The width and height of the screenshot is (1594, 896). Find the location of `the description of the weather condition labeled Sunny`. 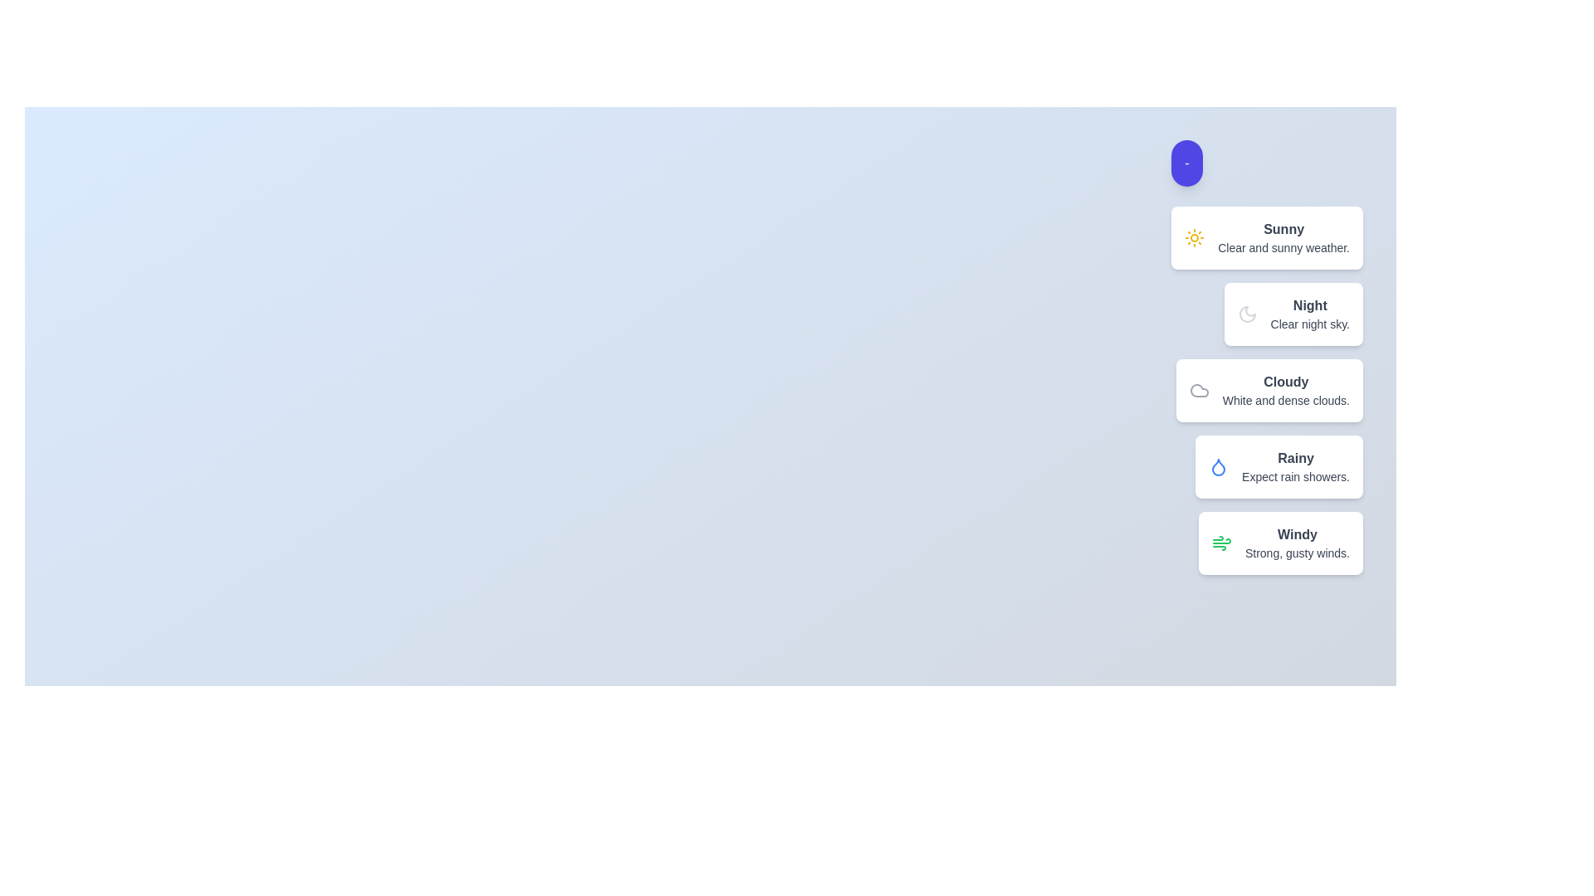

the description of the weather condition labeled Sunny is located at coordinates (1266, 237).